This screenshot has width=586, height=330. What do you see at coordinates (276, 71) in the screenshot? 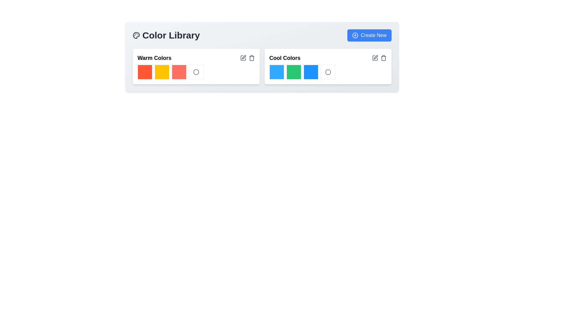
I see `the first bright blue square color block in the 'Cool Colors' section` at bounding box center [276, 71].